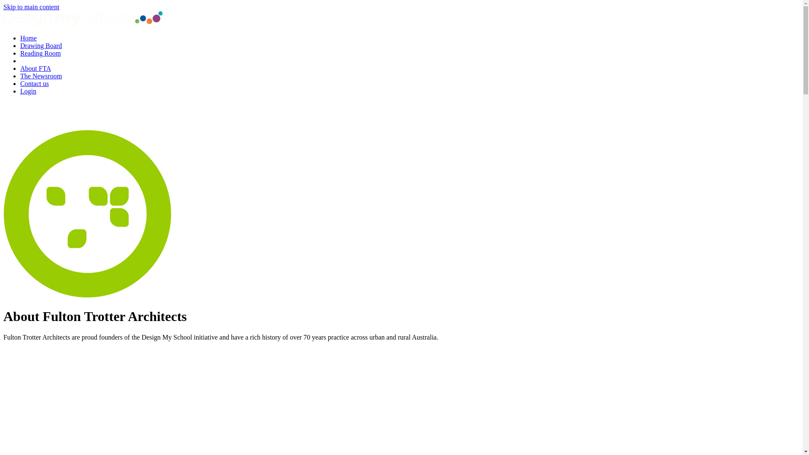 The image size is (809, 455). Describe the element at coordinates (28, 91) in the screenshot. I see `'Login'` at that location.